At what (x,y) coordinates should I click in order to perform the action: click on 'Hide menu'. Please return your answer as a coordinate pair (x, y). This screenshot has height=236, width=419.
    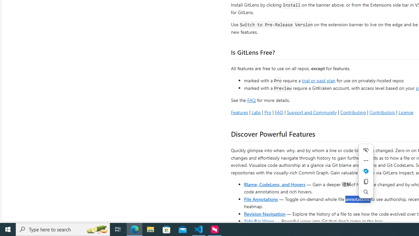
    Looking at the image, I should click on (366, 150).